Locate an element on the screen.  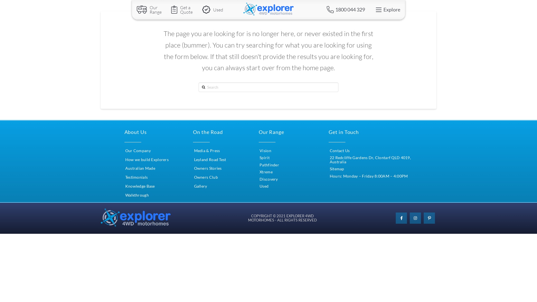
'Gallery' is located at coordinates (194, 186).